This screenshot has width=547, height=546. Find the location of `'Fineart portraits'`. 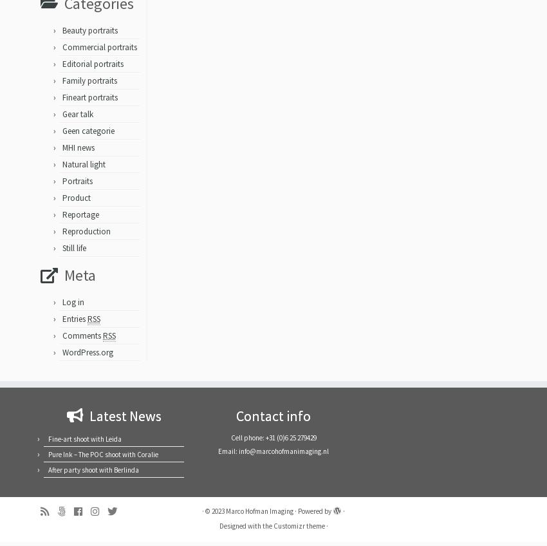

'Fineart portraits' is located at coordinates (89, 101).